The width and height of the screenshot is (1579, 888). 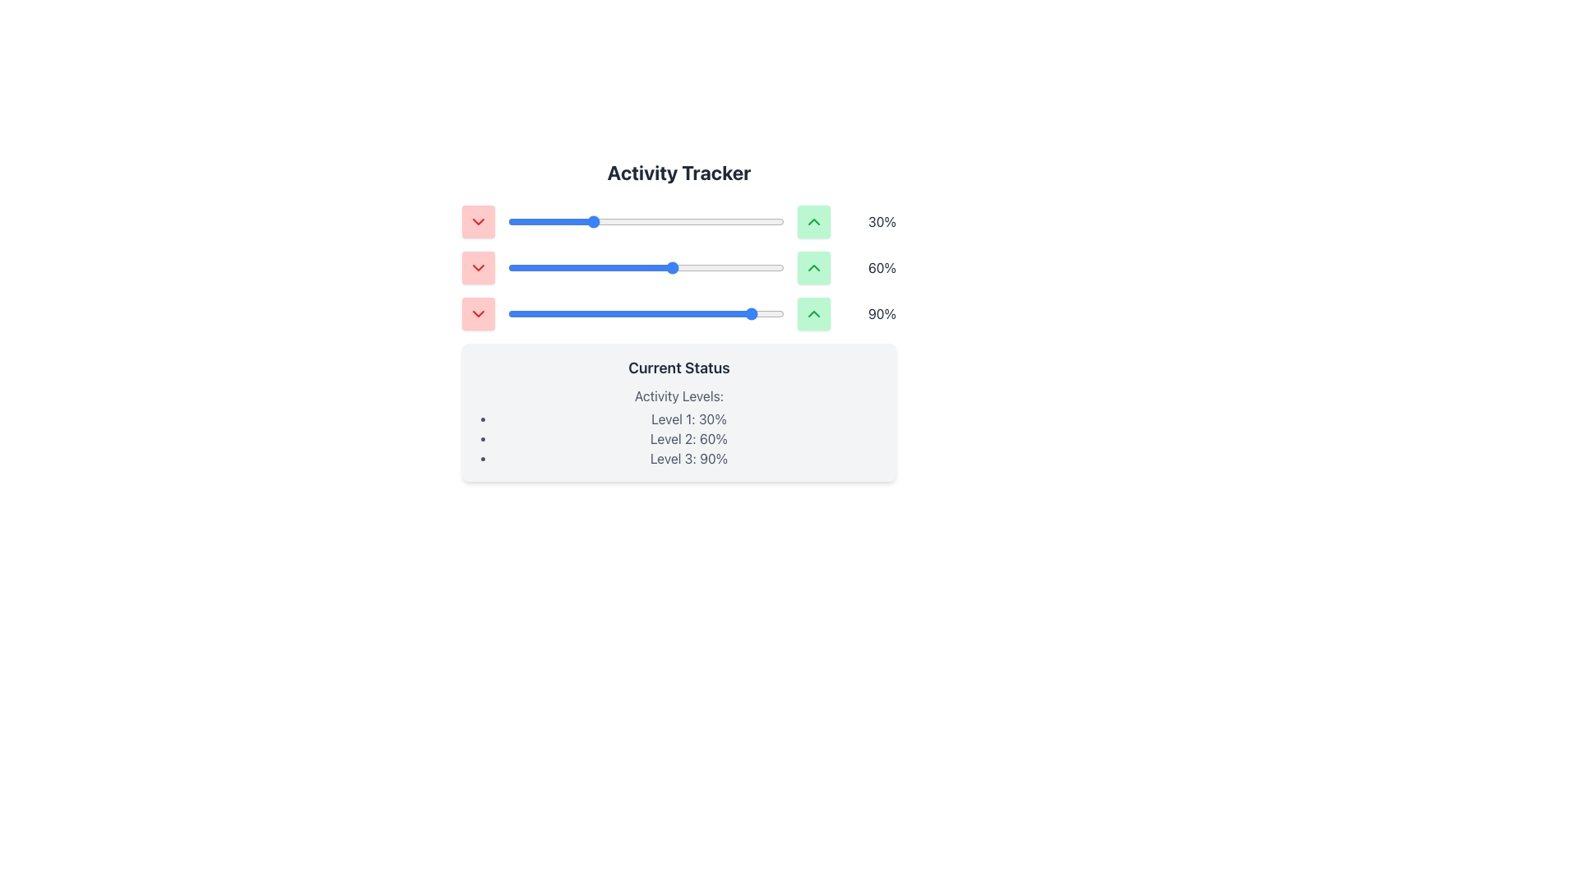 I want to click on the text label displaying the current percentage level, located to the right of the green button with an upward arrow icon, so click(x=868, y=222).